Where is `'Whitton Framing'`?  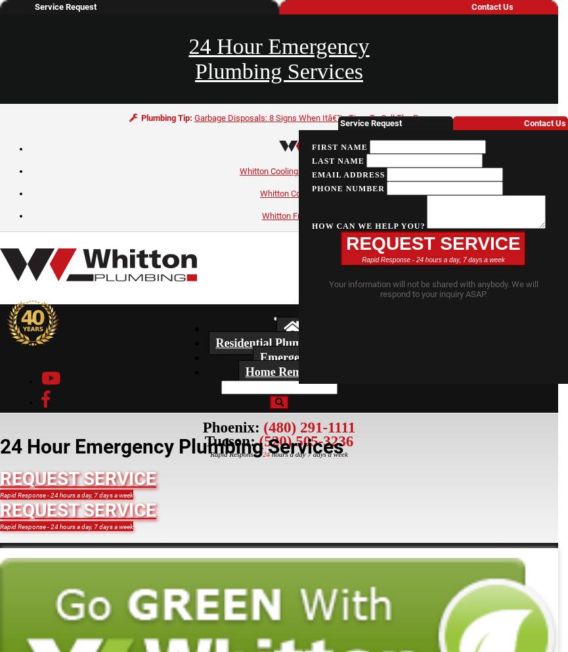
'Whitton Framing' is located at coordinates (261, 216).